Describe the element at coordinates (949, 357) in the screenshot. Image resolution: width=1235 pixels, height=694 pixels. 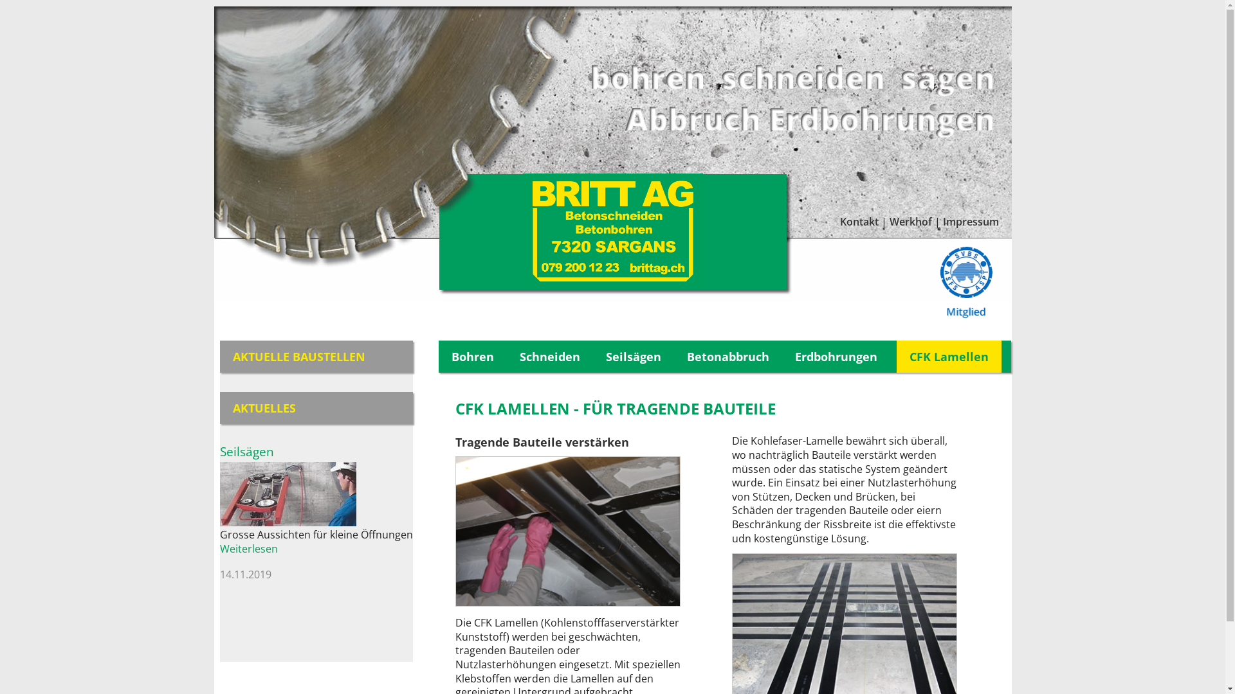
I see `'CFK Lamellen'` at that location.